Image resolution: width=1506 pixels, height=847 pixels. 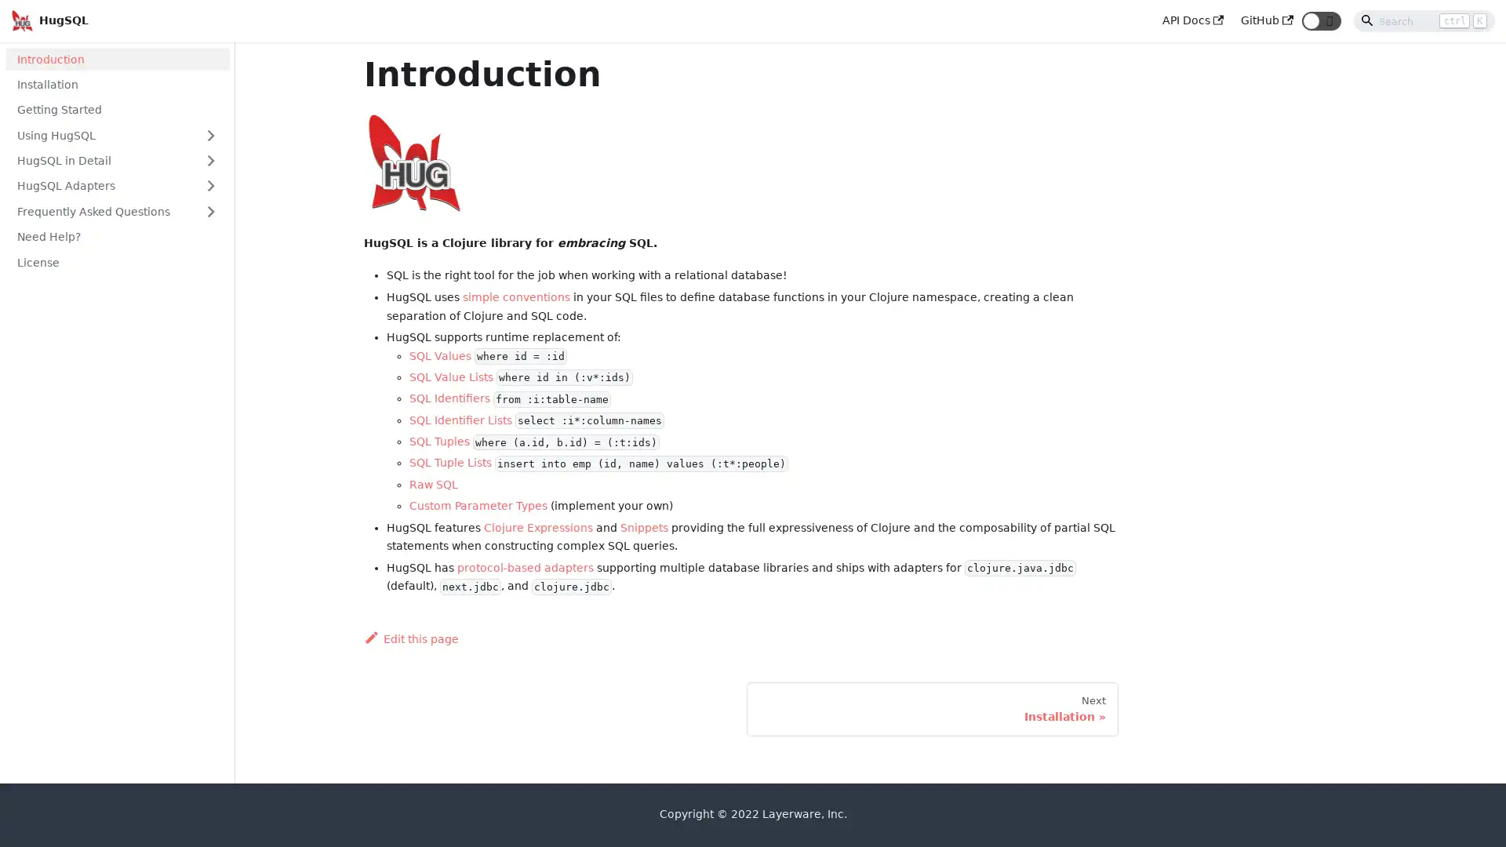 What do you see at coordinates (209, 184) in the screenshot?
I see `Toggle the collapsible sidebar category 'HugSQL Adapters'` at bounding box center [209, 184].